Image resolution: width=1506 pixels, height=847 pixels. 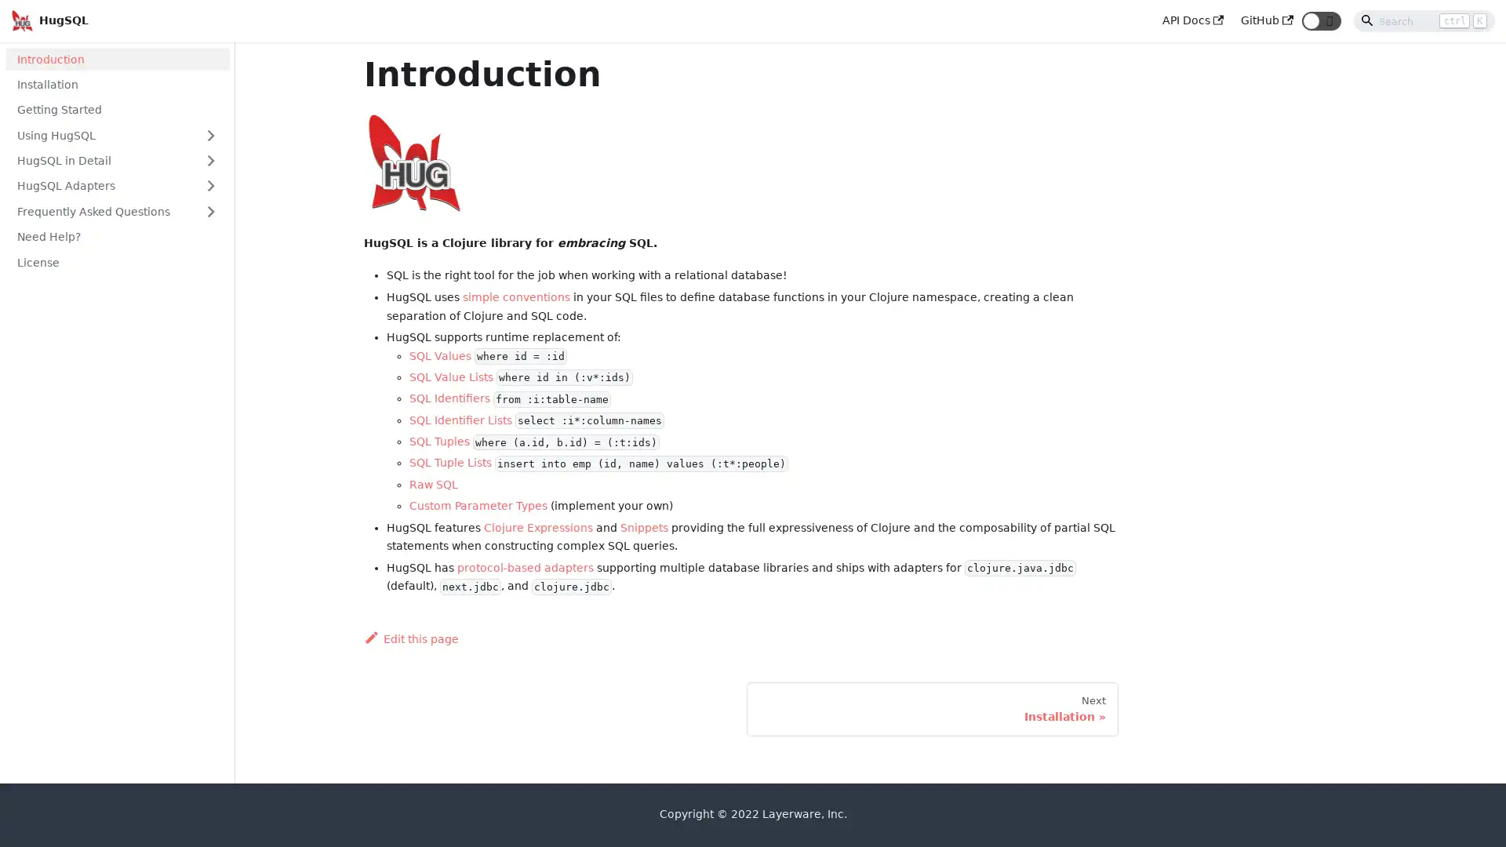 What do you see at coordinates (209, 184) in the screenshot?
I see `Toggle the collapsible sidebar category 'HugSQL Adapters'` at bounding box center [209, 184].